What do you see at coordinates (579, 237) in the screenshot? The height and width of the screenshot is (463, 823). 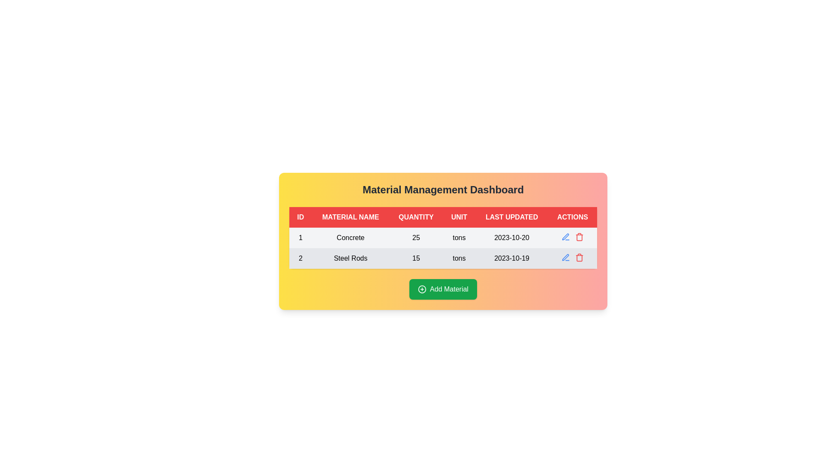 I see `the red trash bin icon in the 'Actions' column of the second row` at bounding box center [579, 237].